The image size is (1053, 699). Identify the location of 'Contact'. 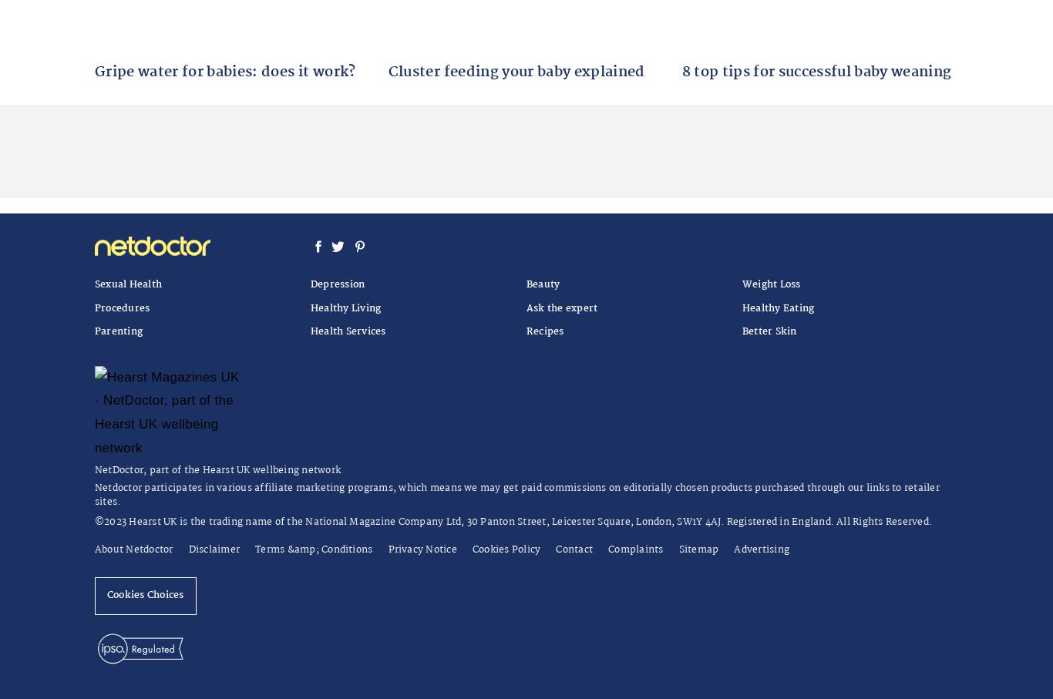
(574, 549).